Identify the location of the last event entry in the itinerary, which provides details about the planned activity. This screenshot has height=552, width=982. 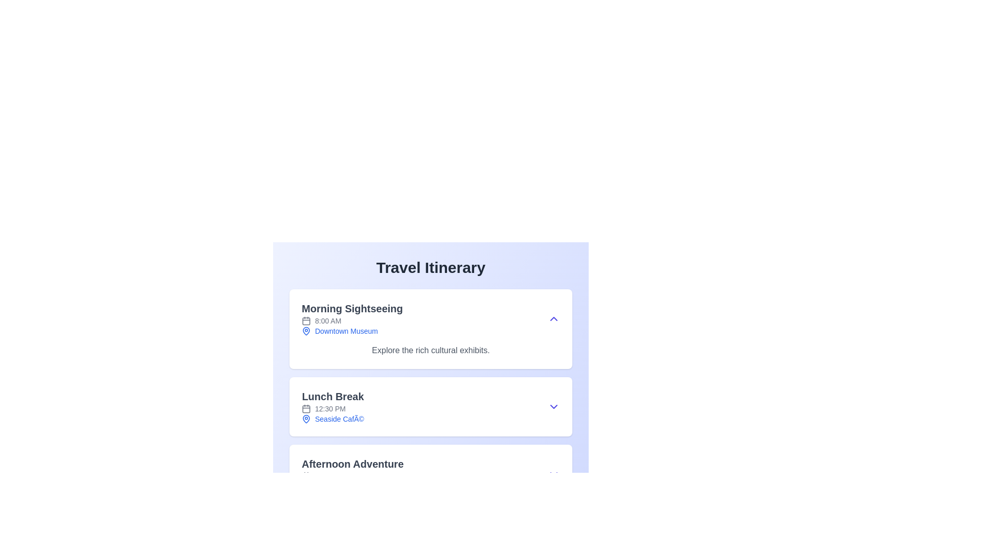
(431, 474).